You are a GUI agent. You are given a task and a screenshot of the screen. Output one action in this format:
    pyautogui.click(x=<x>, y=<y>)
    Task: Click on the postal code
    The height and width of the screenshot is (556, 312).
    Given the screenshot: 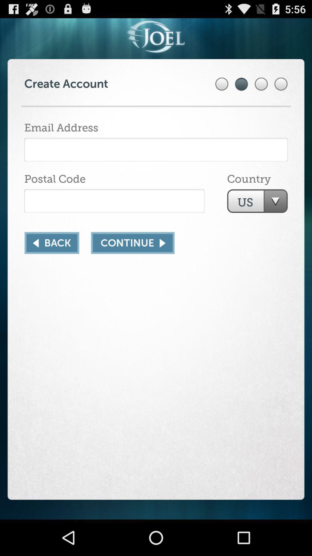 What is the action you would take?
    pyautogui.click(x=114, y=201)
    